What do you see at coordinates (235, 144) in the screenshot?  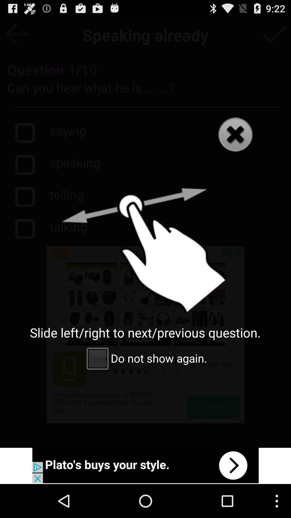 I see `the close icon` at bounding box center [235, 144].